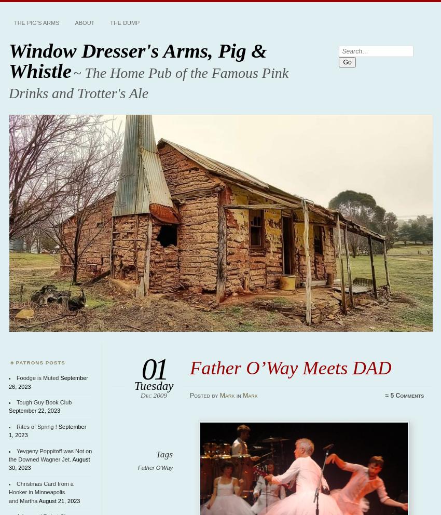  I want to click on 'About', so click(85, 23).